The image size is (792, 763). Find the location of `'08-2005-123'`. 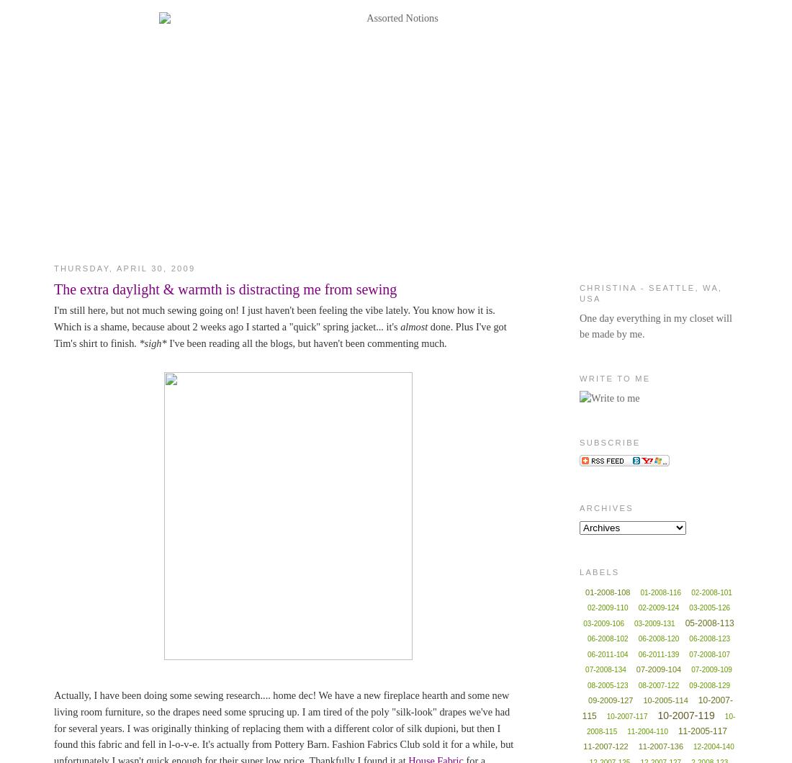

'08-2005-123' is located at coordinates (586, 684).